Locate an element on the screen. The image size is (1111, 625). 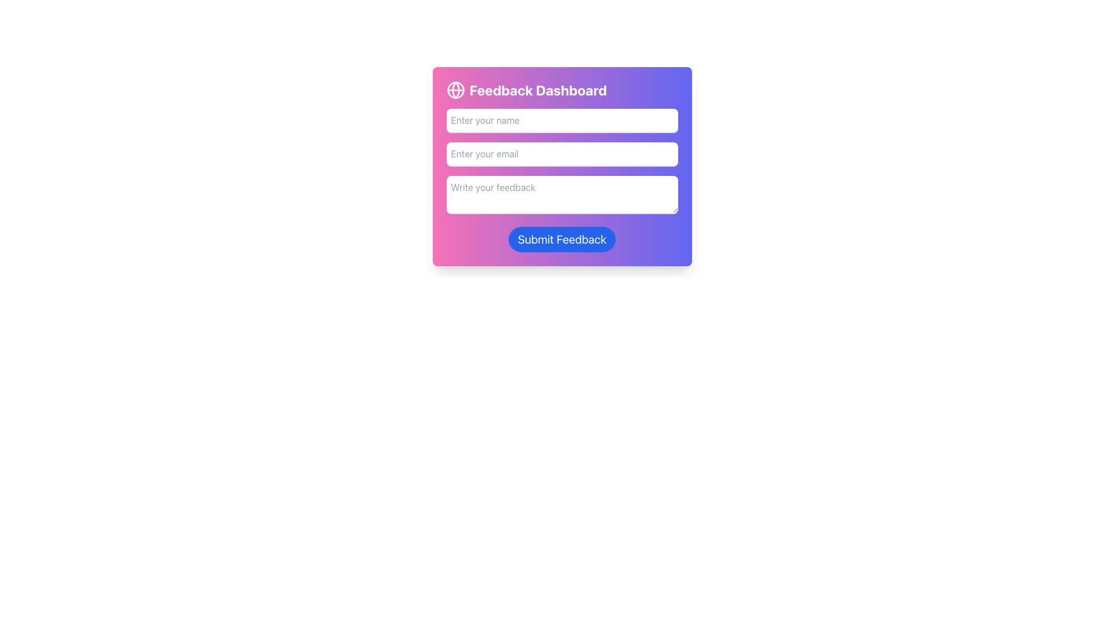
the decorative icon associated with the 'Feedback Dashboard' title, located at the top left of the Feedback Dashboard section, if it is interactive is located at coordinates (455, 89).